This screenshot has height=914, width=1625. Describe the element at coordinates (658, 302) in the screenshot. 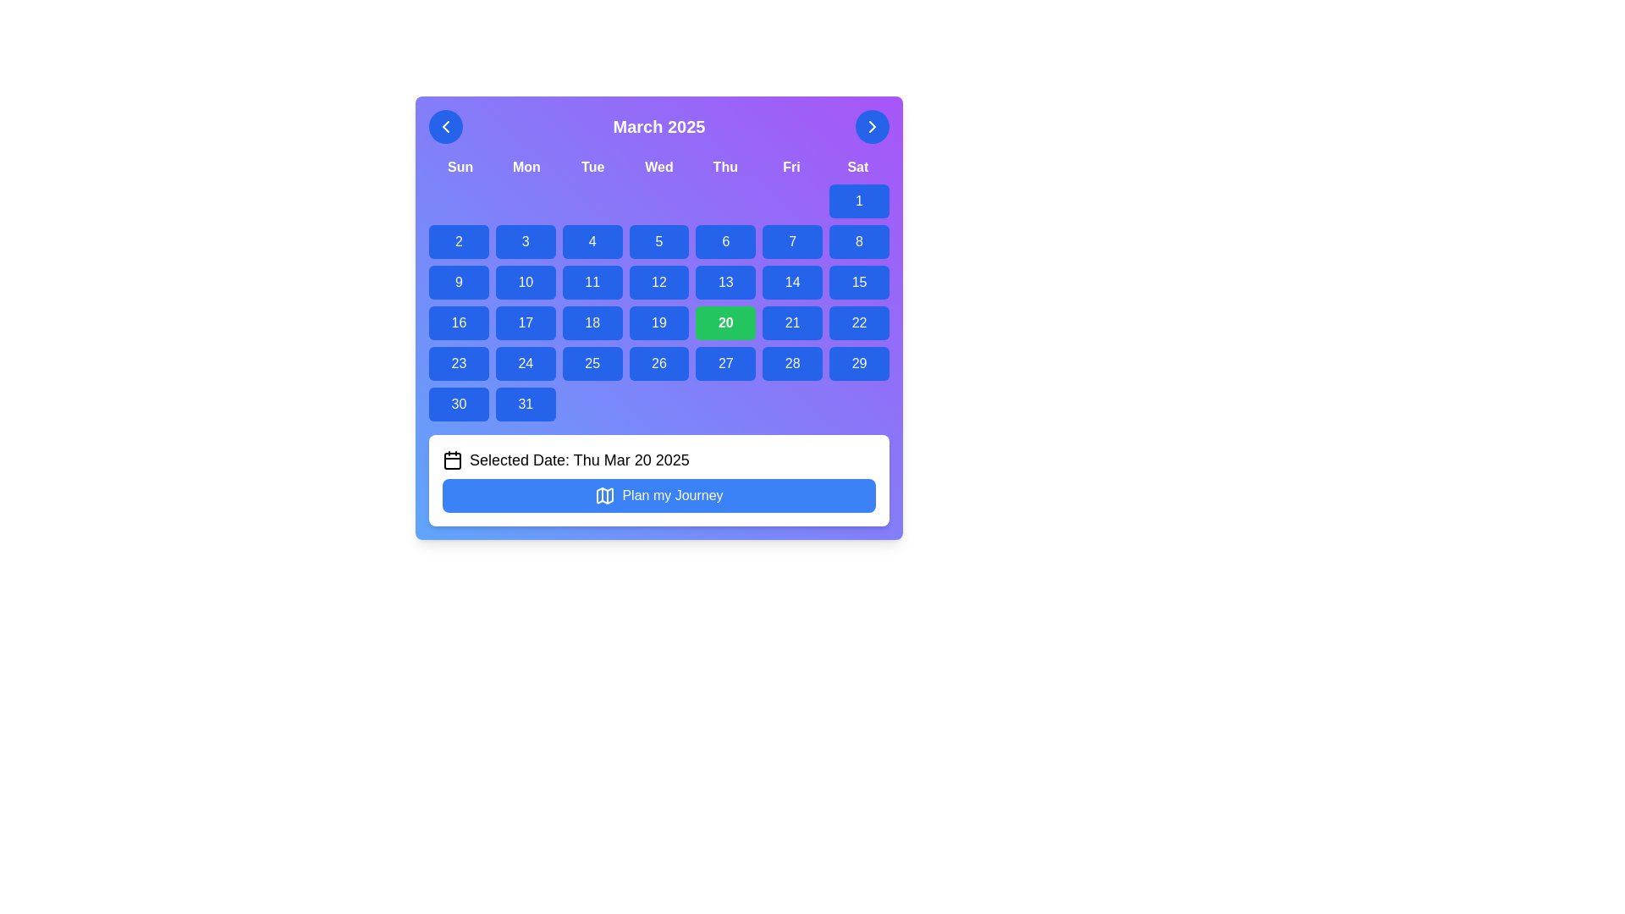

I see `the interactive calendar grid` at that location.